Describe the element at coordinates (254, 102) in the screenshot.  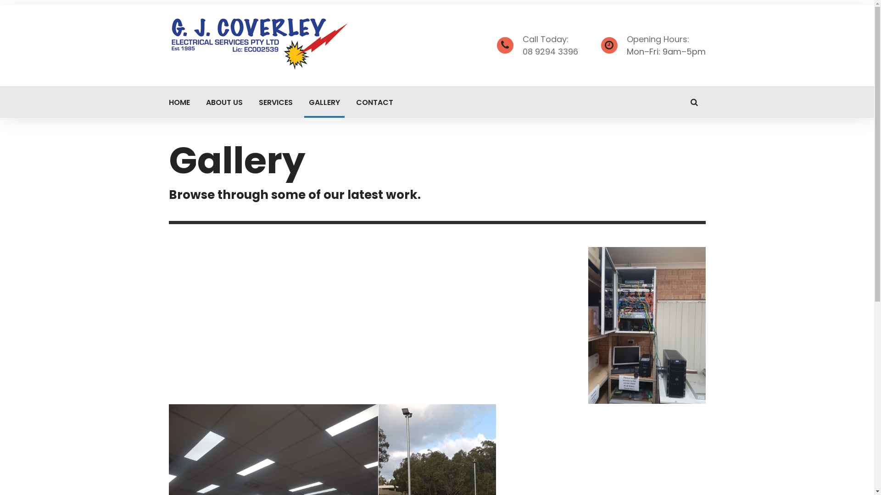
I see `'SERVICES'` at that location.